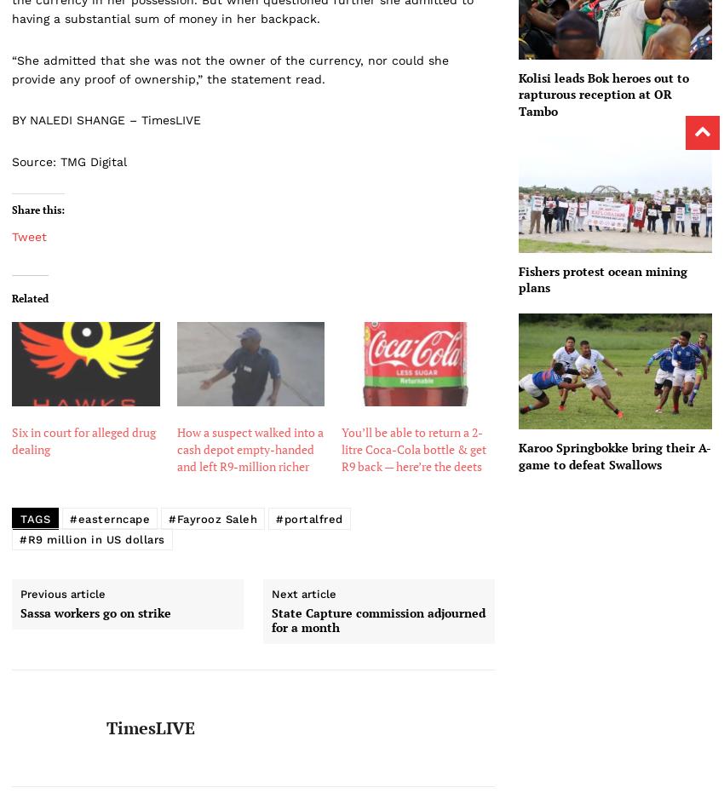 This screenshot has width=724, height=805. What do you see at coordinates (601, 279) in the screenshot?
I see `'Fishers protest ocean mining plans'` at bounding box center [601, 279].